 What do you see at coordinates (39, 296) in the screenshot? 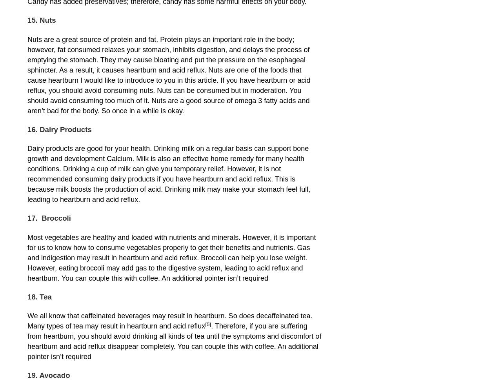
I see `'18. Tea'` at bounding box center [39, 296].